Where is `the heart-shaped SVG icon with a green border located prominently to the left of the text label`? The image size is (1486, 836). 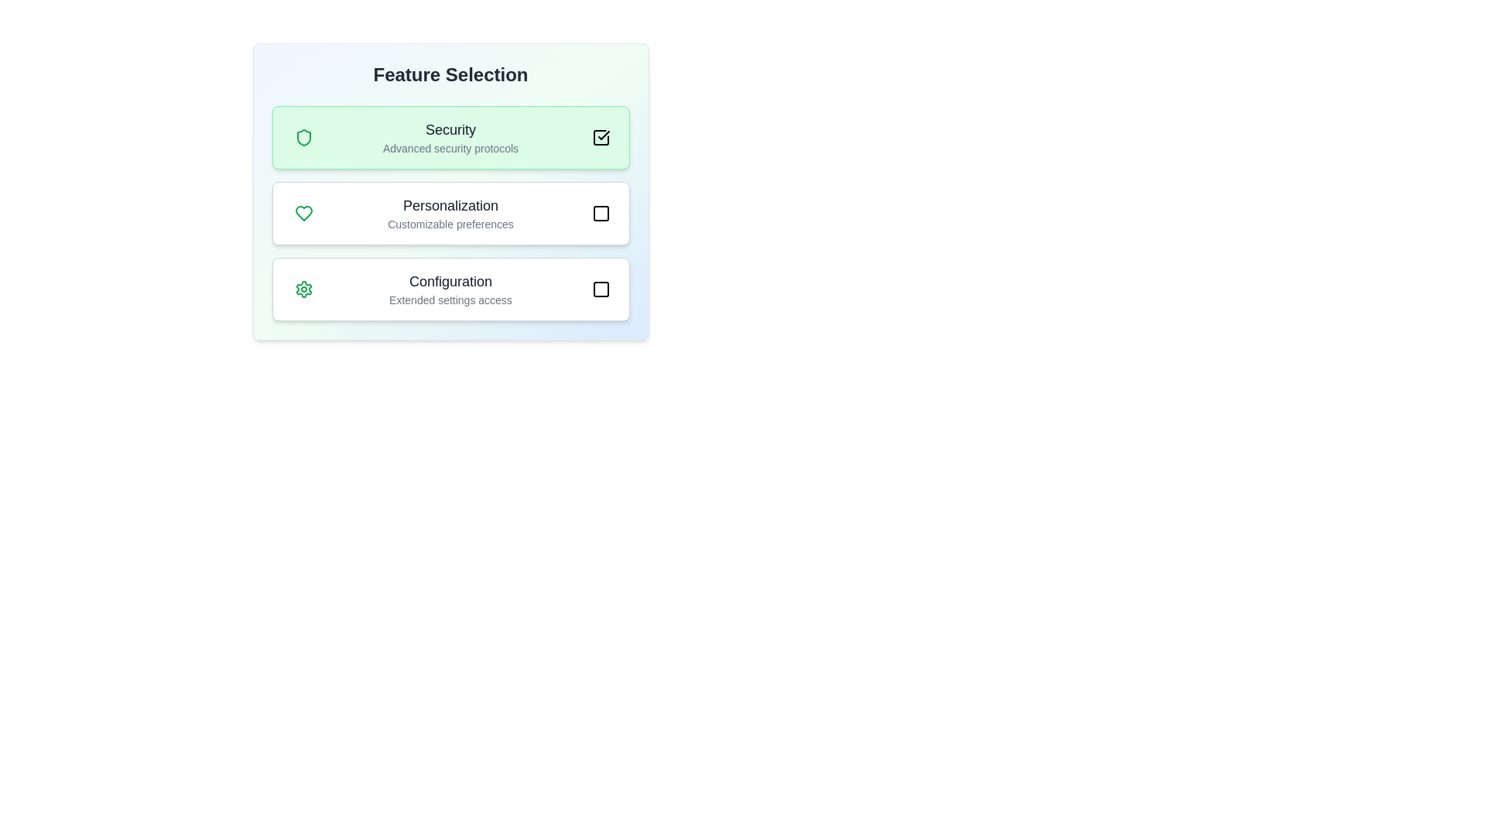
the heart-shaped SVG icon with a green border located prominently to the left of the text label is located at coordinates (303, 214).